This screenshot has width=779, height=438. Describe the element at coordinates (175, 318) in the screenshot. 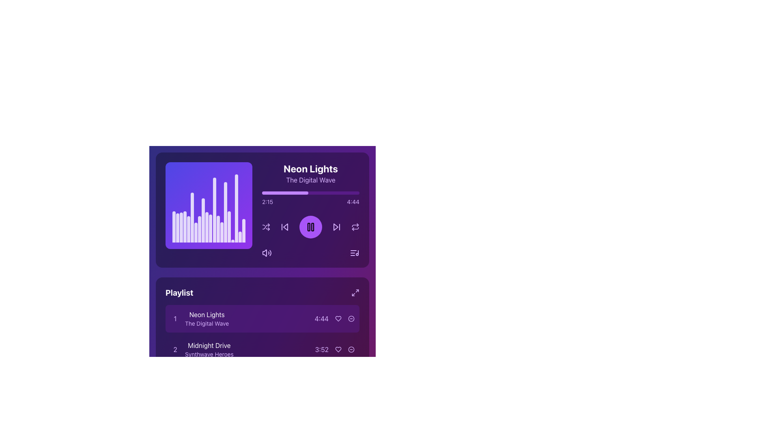

I see `number displayed in the purple text label that shows '1', which is located to the left of the text 'Neon Lights' in the playlist section` at that location.